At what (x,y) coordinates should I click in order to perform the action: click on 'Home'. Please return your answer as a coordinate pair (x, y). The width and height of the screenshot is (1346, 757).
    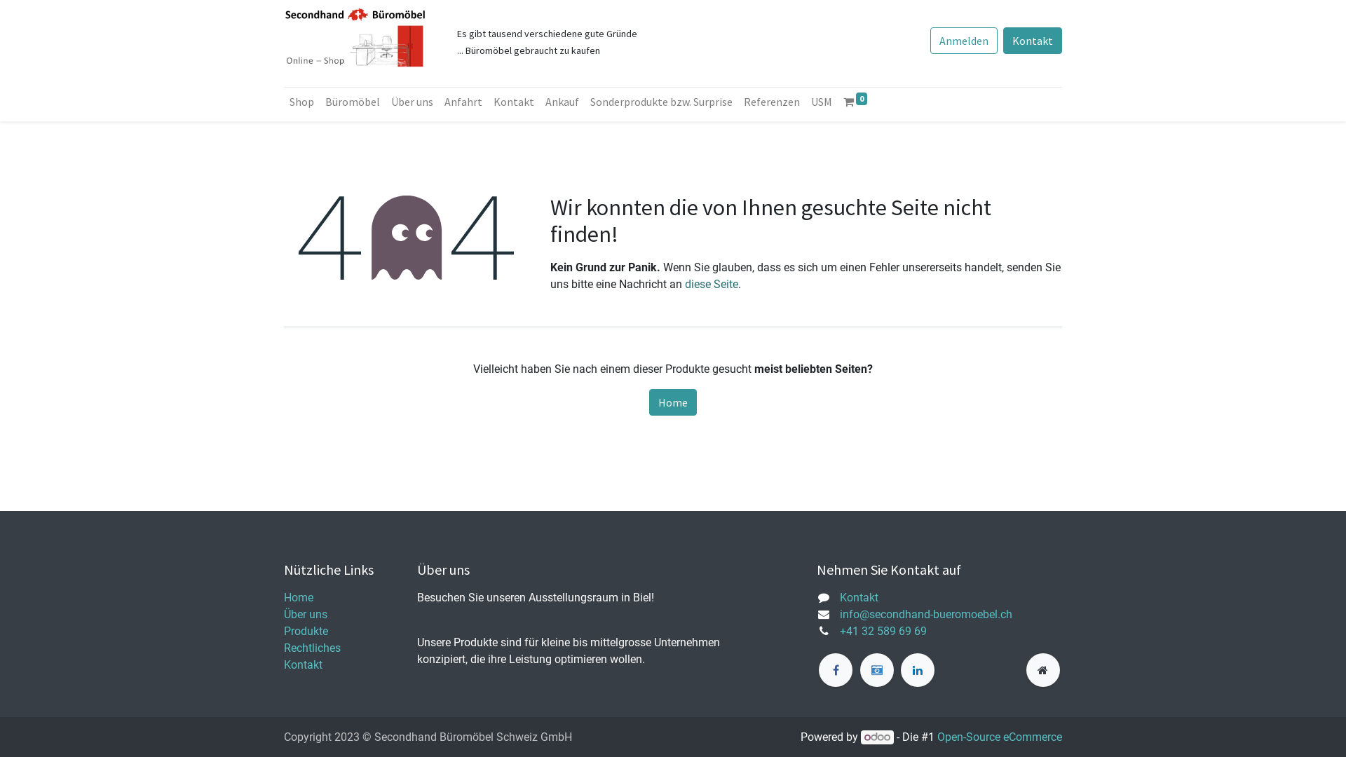
    Looking at the image, I should click on (298, 597).